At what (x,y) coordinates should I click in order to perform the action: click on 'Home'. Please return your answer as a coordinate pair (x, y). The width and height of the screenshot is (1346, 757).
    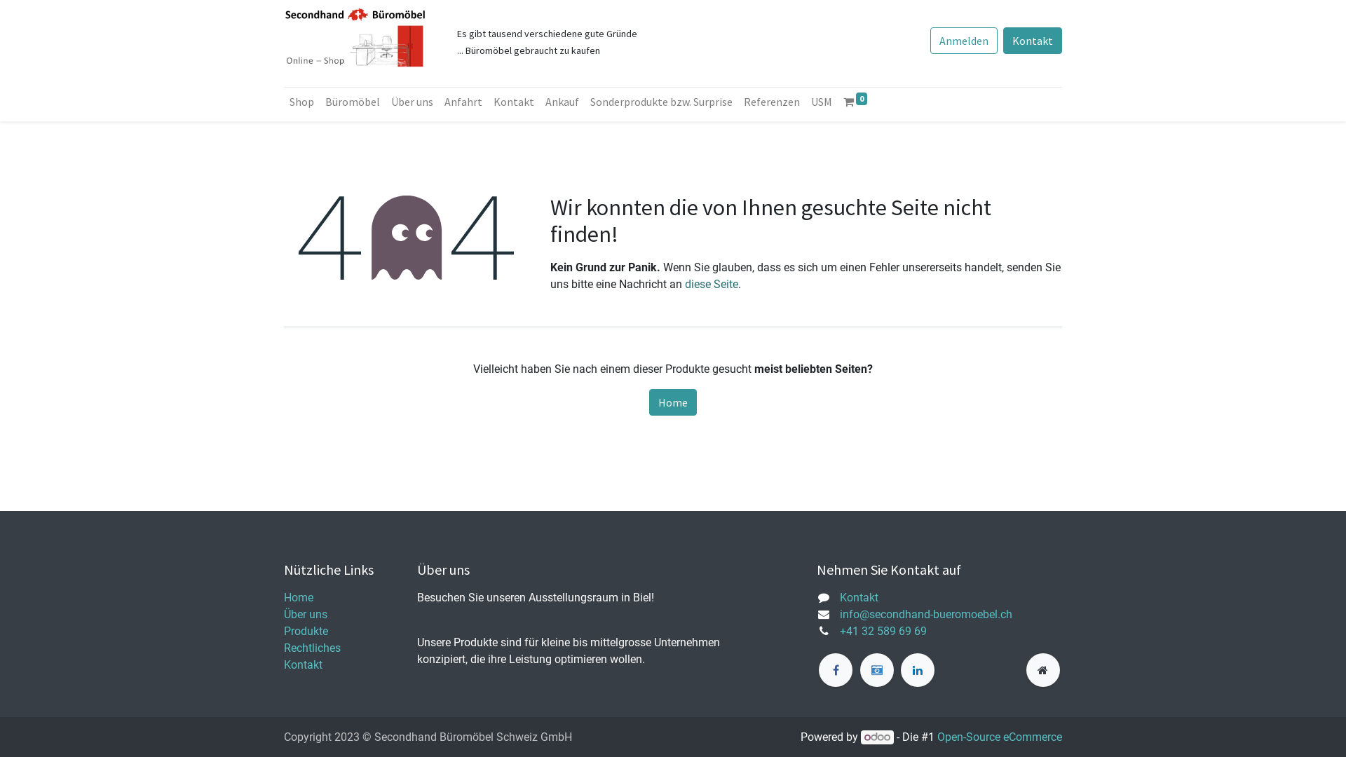
    Looking at the image, I should click on (298, 597).